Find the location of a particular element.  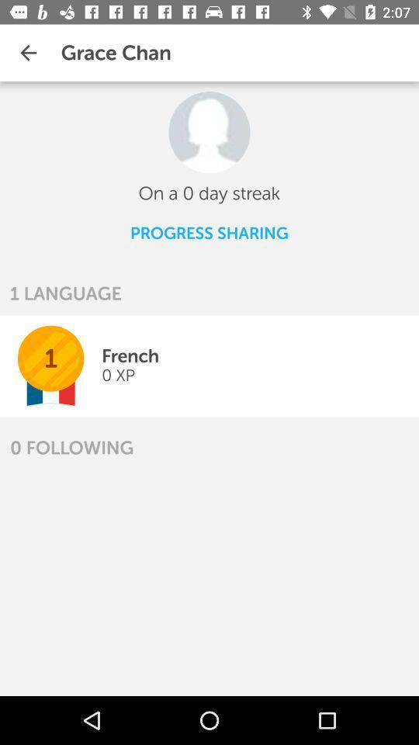

1 language icon is located at coordinates (64, 293).